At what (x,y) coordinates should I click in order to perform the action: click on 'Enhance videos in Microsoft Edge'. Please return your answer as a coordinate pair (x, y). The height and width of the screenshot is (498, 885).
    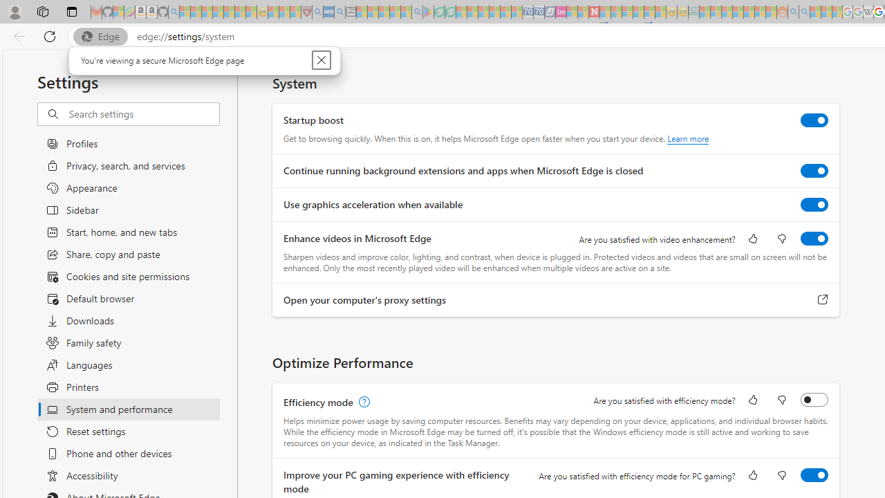
    Looking at the image, I should click on (814, 237).